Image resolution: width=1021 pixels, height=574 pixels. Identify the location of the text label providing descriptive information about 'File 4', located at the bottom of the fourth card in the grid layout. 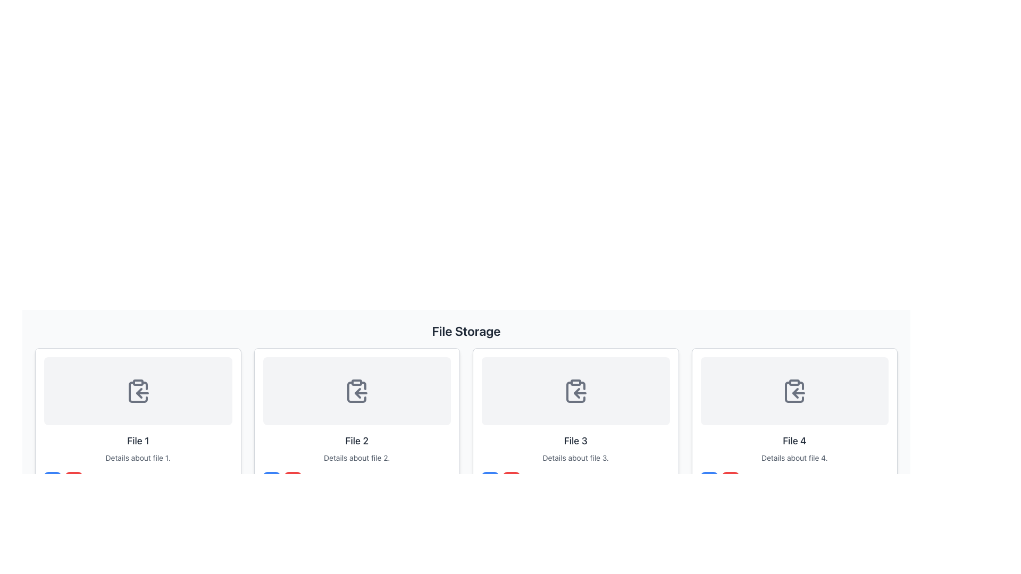
(794, 457).